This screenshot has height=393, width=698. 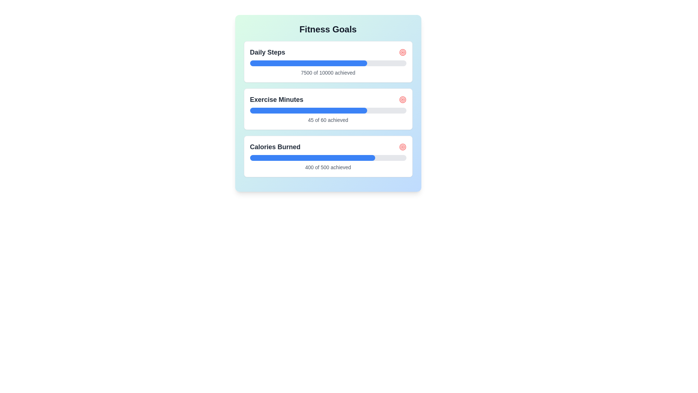 I want to click on text label displaying 'Daily Steps' located at the top-left corner of the 'Fitness Goals' card interface, so click(x=267, y=52).